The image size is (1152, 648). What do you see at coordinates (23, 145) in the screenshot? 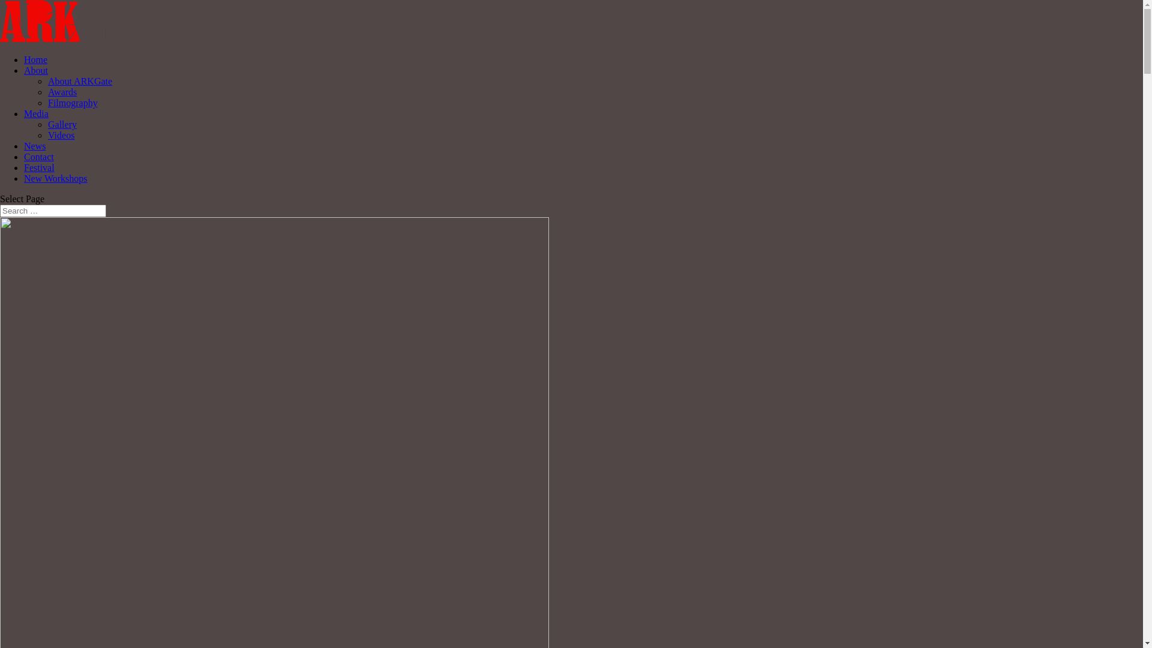
I see `'News'` at bounding box center [23, 145].